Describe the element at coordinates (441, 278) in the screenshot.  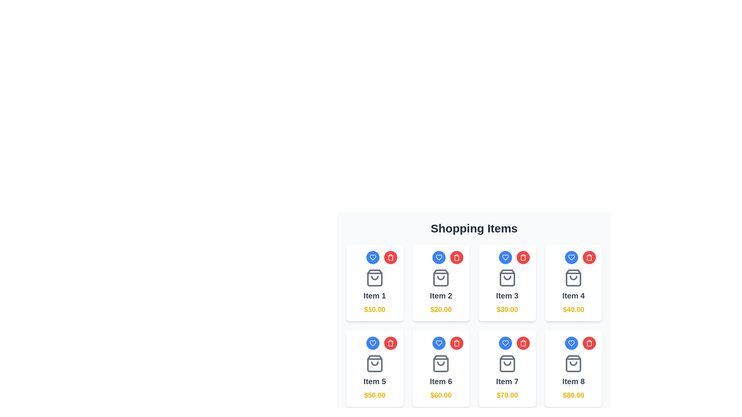
I see `the shopping bag icon located in the second column of the first row, directly above 'Item 2' priced at '$20.00'` at that location.